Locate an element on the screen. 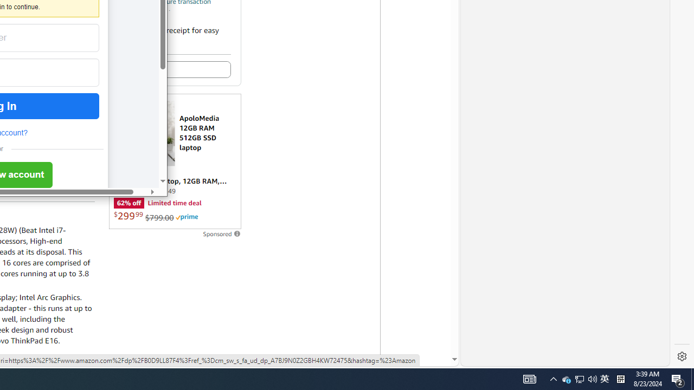 The width and height of the screenshot is (694, 390). 'Prime' is located at coordinates (187, 217).